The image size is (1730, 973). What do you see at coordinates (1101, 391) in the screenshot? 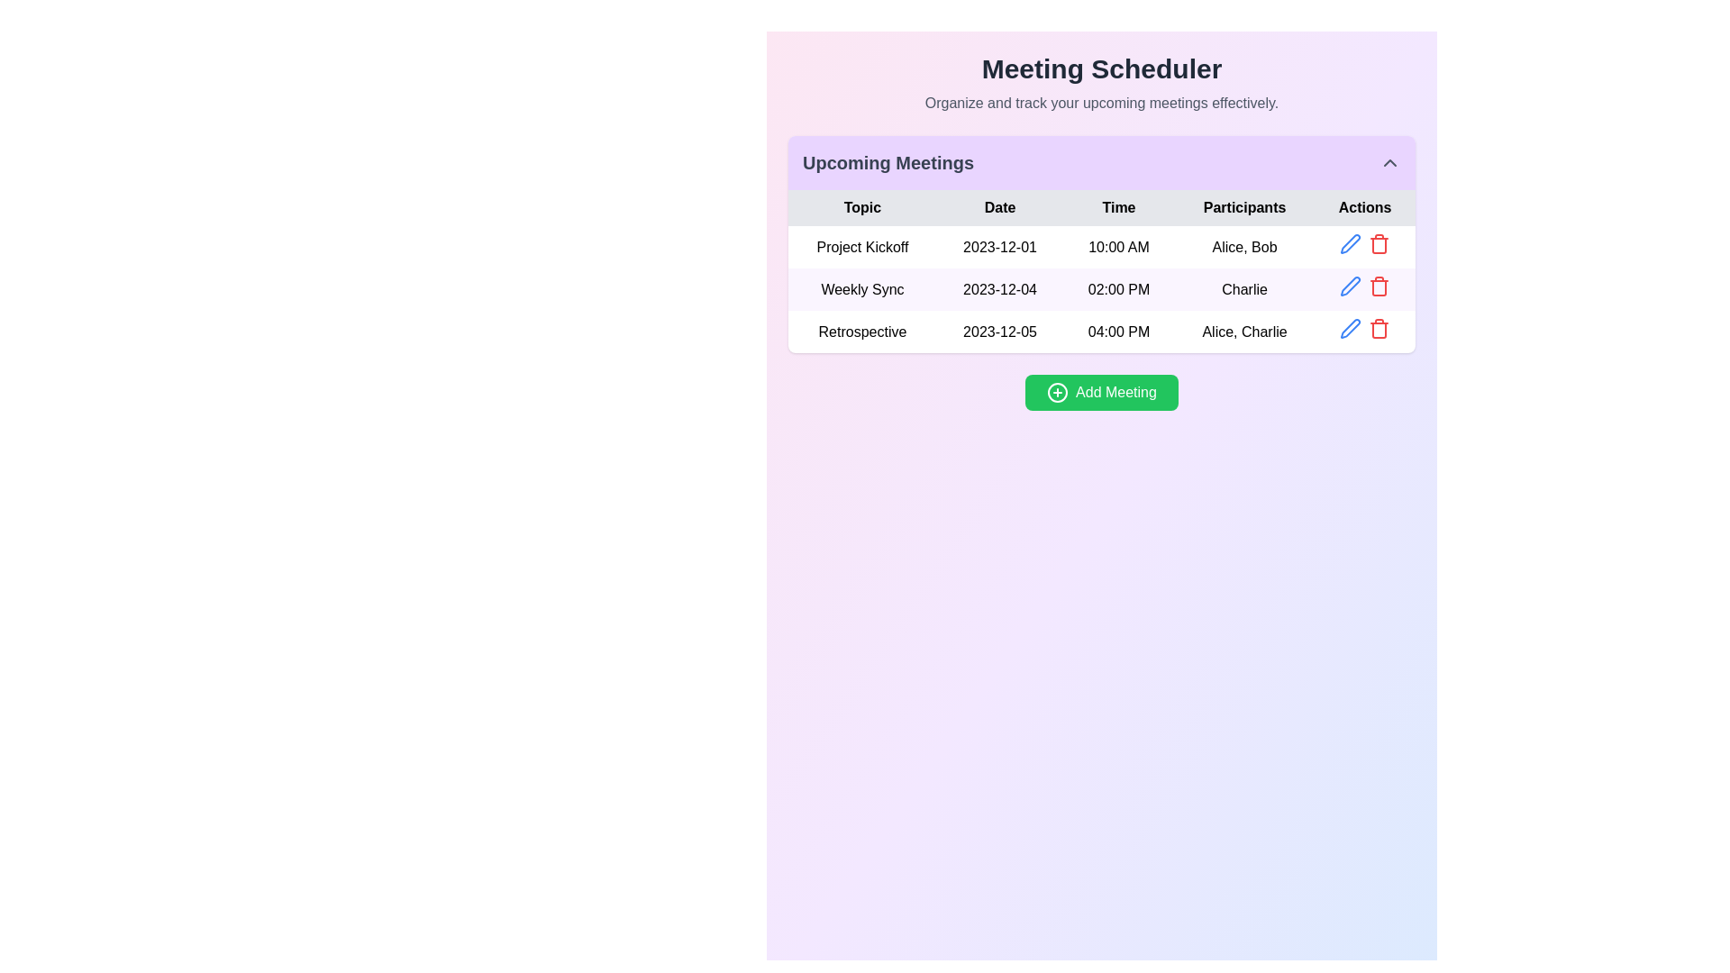
I see `the 'Add Meeting' button` at bounding box center [1101, 391].